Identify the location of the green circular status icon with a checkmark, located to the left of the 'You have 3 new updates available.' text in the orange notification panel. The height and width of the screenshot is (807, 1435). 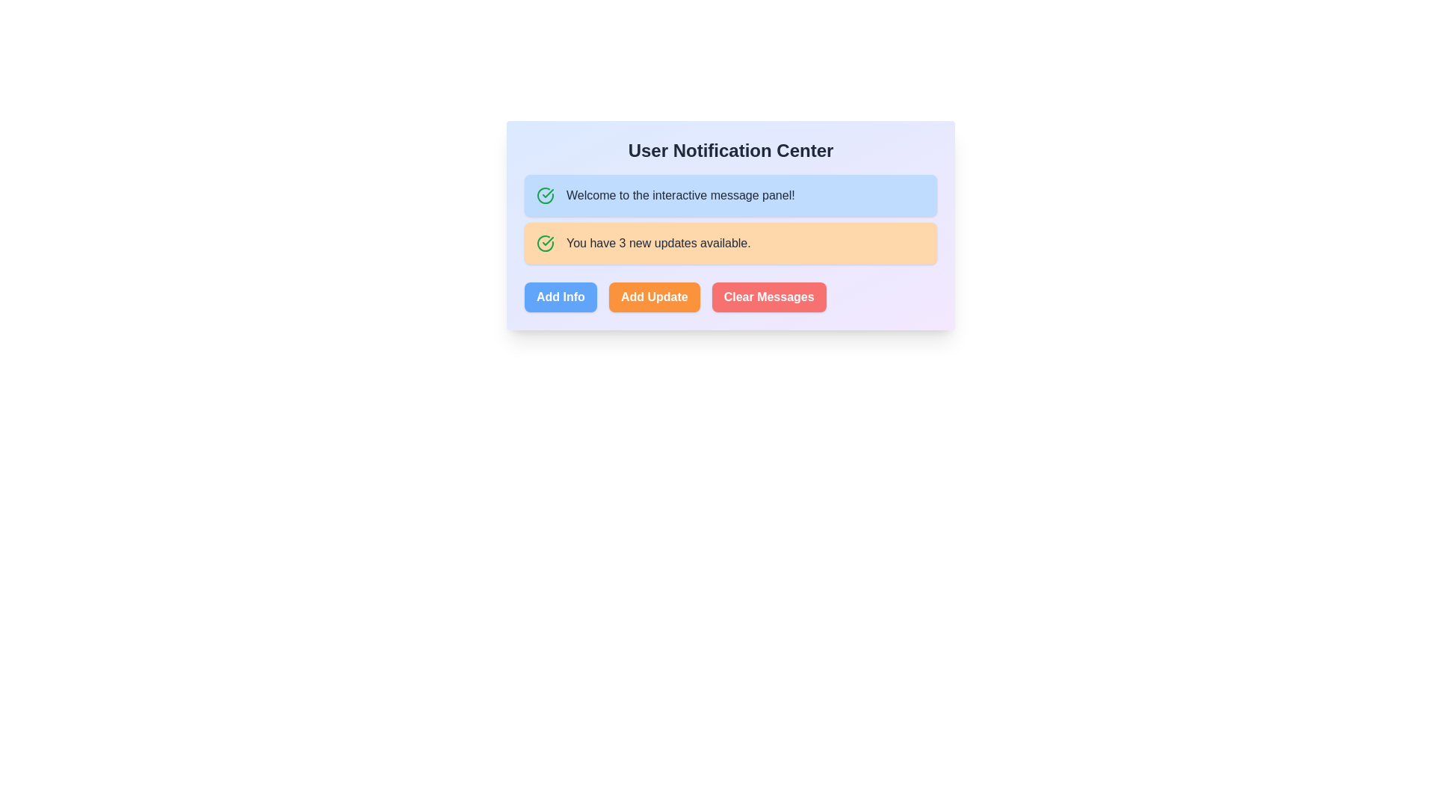
(544, 243).